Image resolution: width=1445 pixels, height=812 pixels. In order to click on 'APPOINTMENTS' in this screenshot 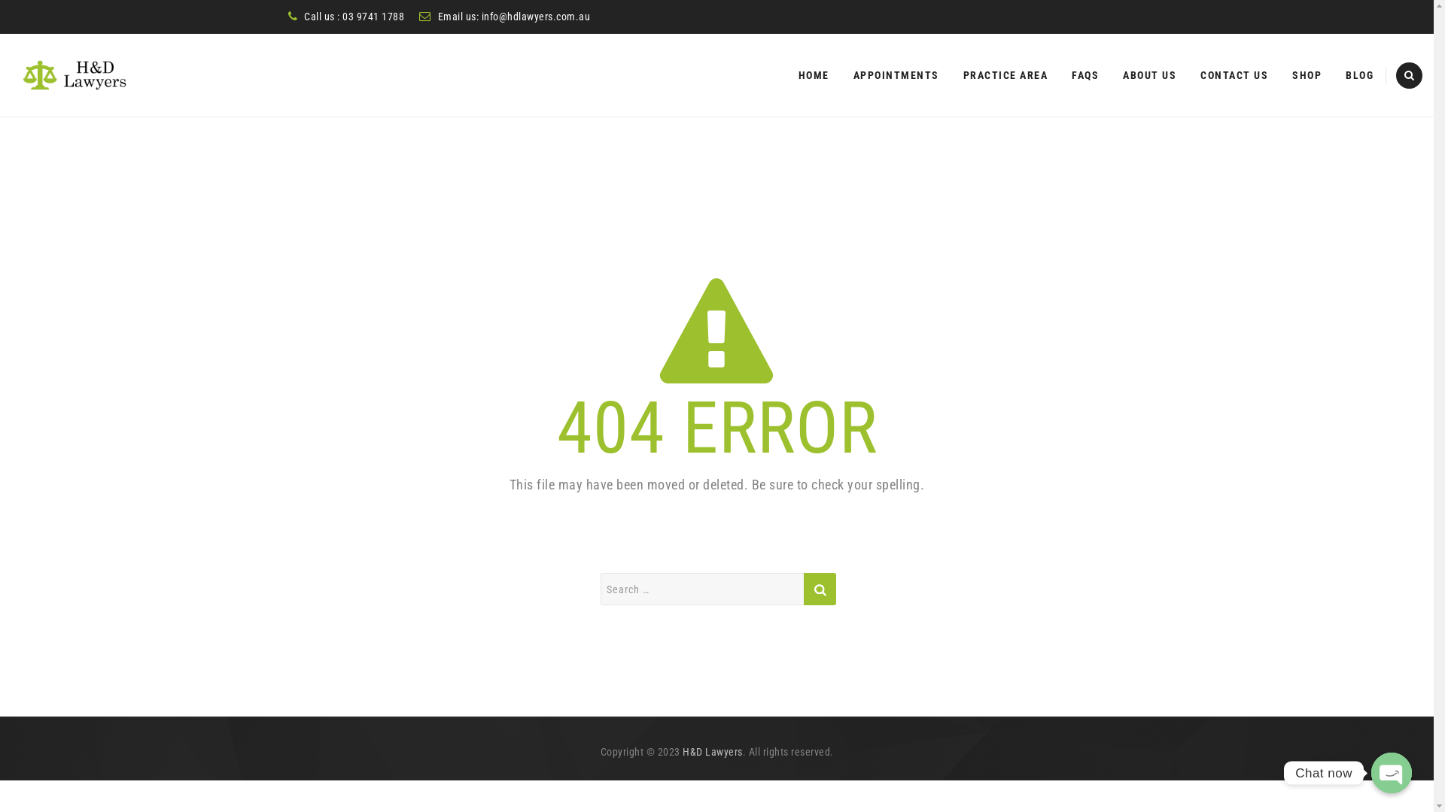, I will do `click(896, 75)`.